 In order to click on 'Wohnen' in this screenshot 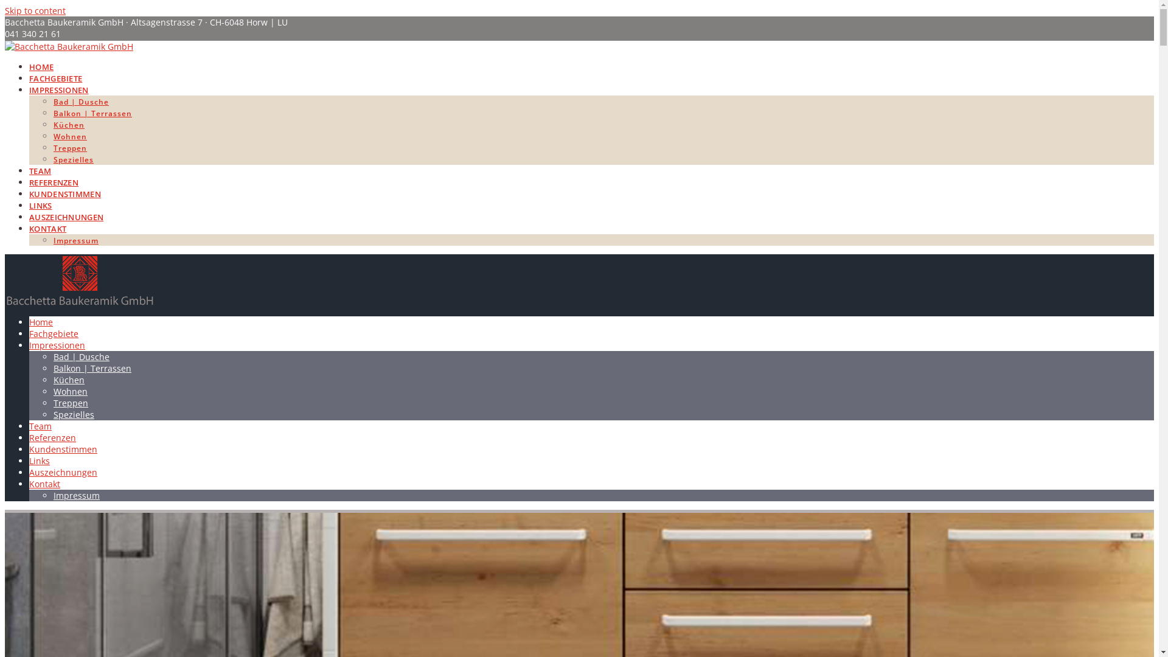, I will do `click(69, 391)`.